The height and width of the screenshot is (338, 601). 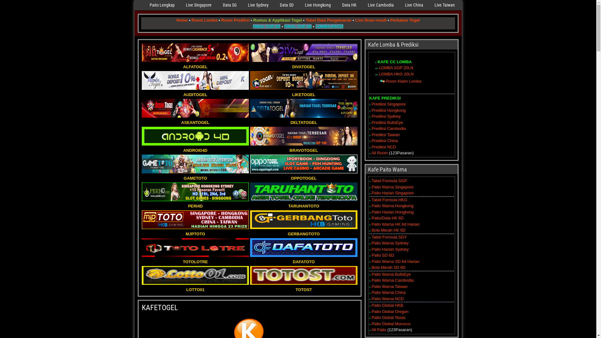 What do you see at coordinates (382, 81) in the screenshot?
I see `'panah'` at bounding box center [382, 81].